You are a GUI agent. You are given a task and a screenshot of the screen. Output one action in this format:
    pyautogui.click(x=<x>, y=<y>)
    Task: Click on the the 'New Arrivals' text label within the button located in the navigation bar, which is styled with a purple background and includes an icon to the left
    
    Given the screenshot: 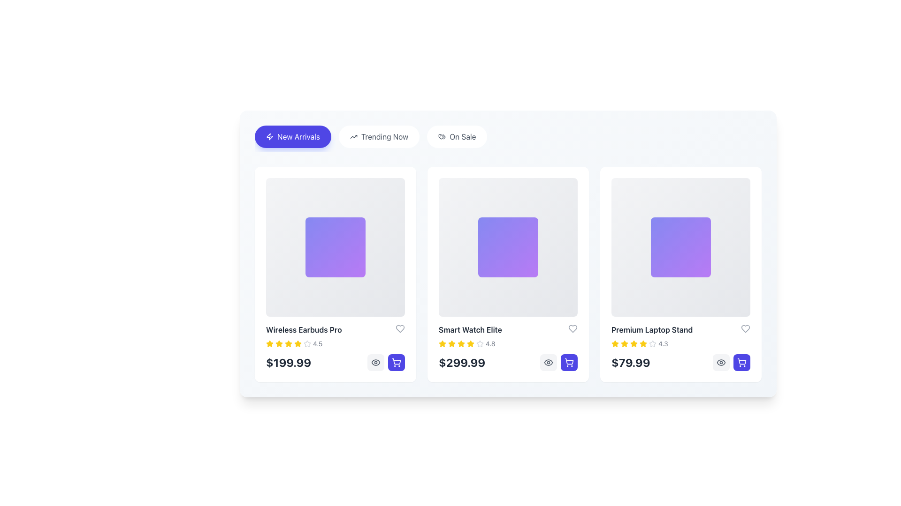 What is the action you would take?
    pyautogui.click(x=298, y=137)
    